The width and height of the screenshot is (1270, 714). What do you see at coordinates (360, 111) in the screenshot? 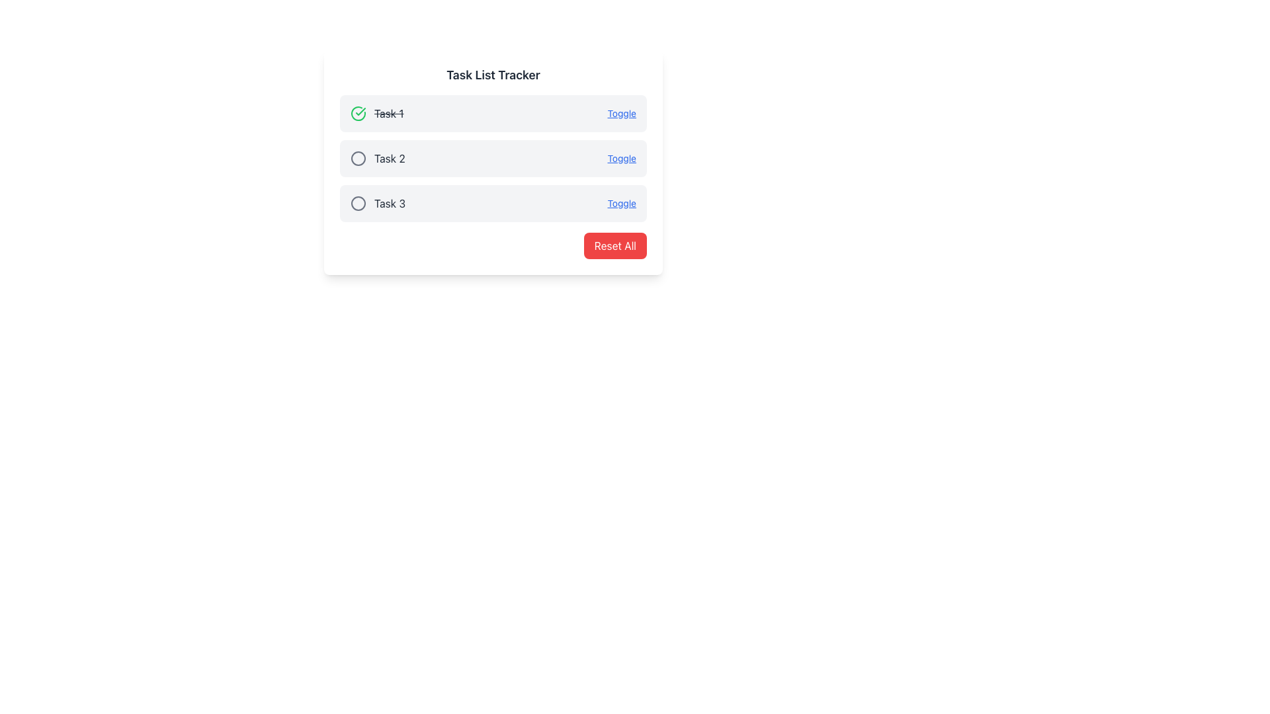
I see `the completed task icon next to 'Task 1' to indicate its checked status` at bounding box center [360, 111].